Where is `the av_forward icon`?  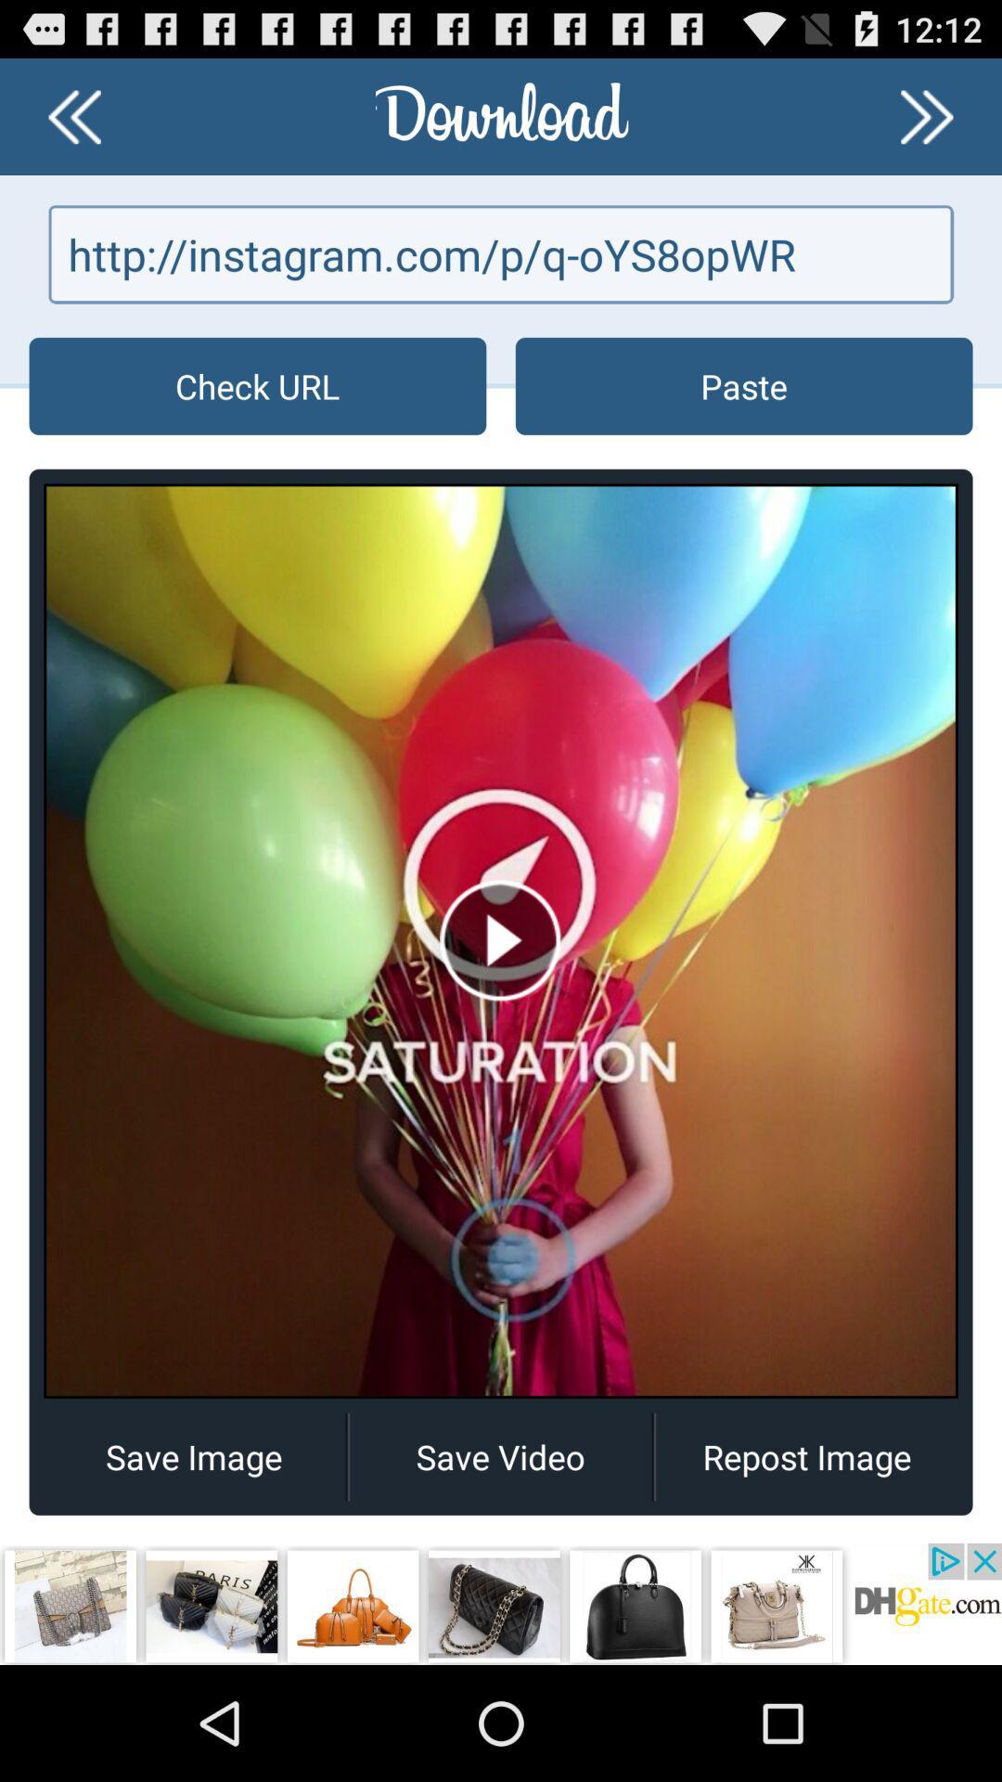 the av_forward icon is located at coordinates (927, 123).